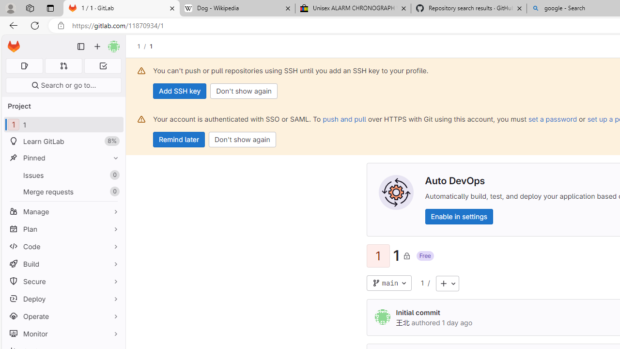  Describe the element at coordinates (179, 140) in the screenshot. I see `'Remind later'` at that location.